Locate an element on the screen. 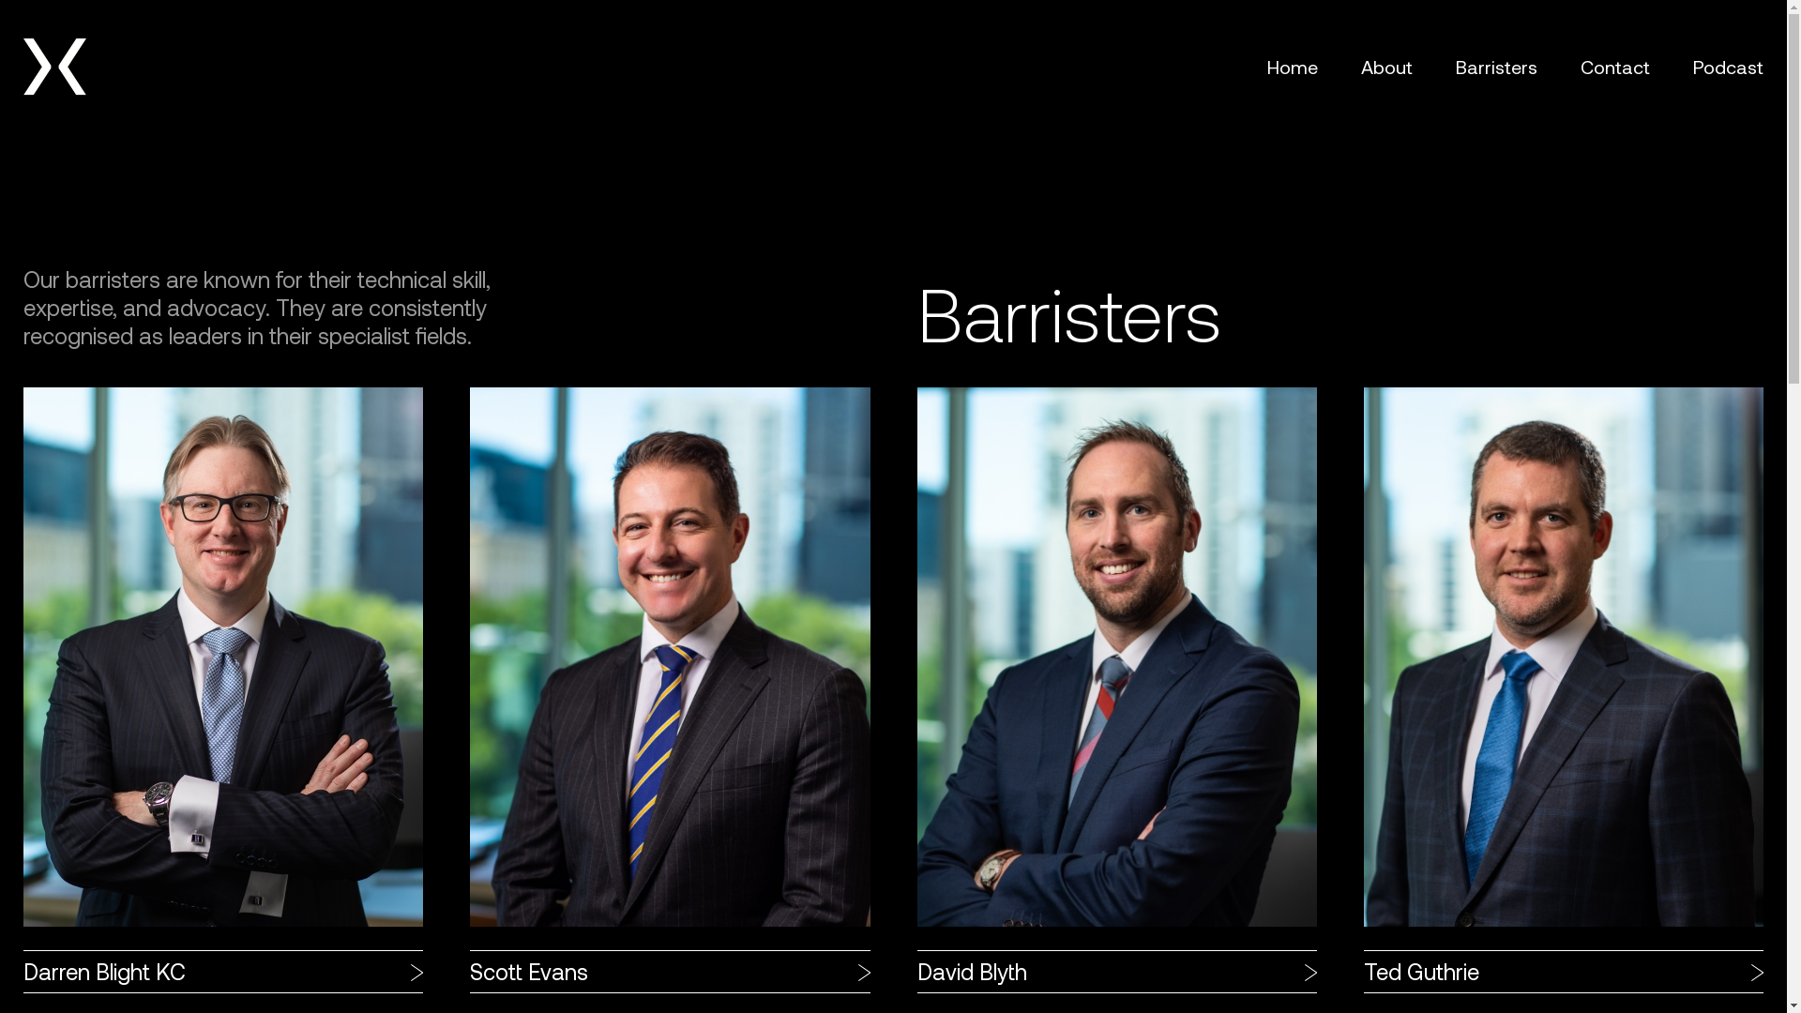 Image resolution: width=1801 pixels, height=1013 pixels. 'Barristers' is located at coordinates (1495, 65).